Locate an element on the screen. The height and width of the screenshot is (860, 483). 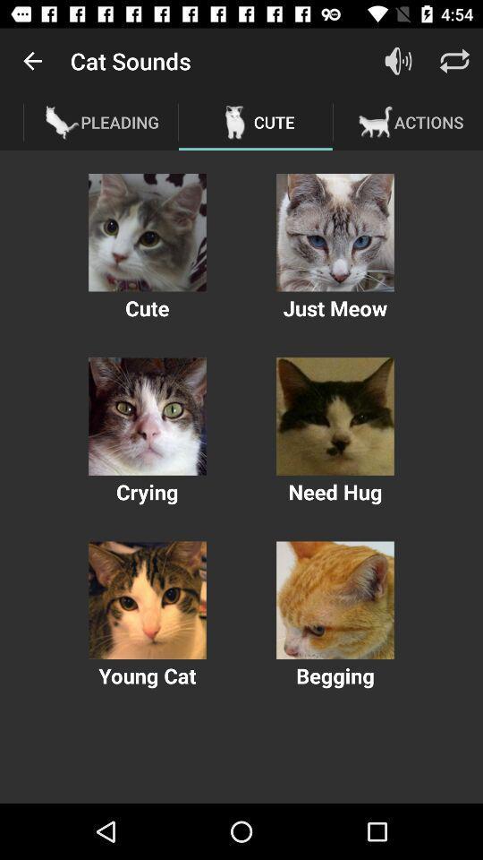
plays sound of cat begging is located at coordinates (335, 600).